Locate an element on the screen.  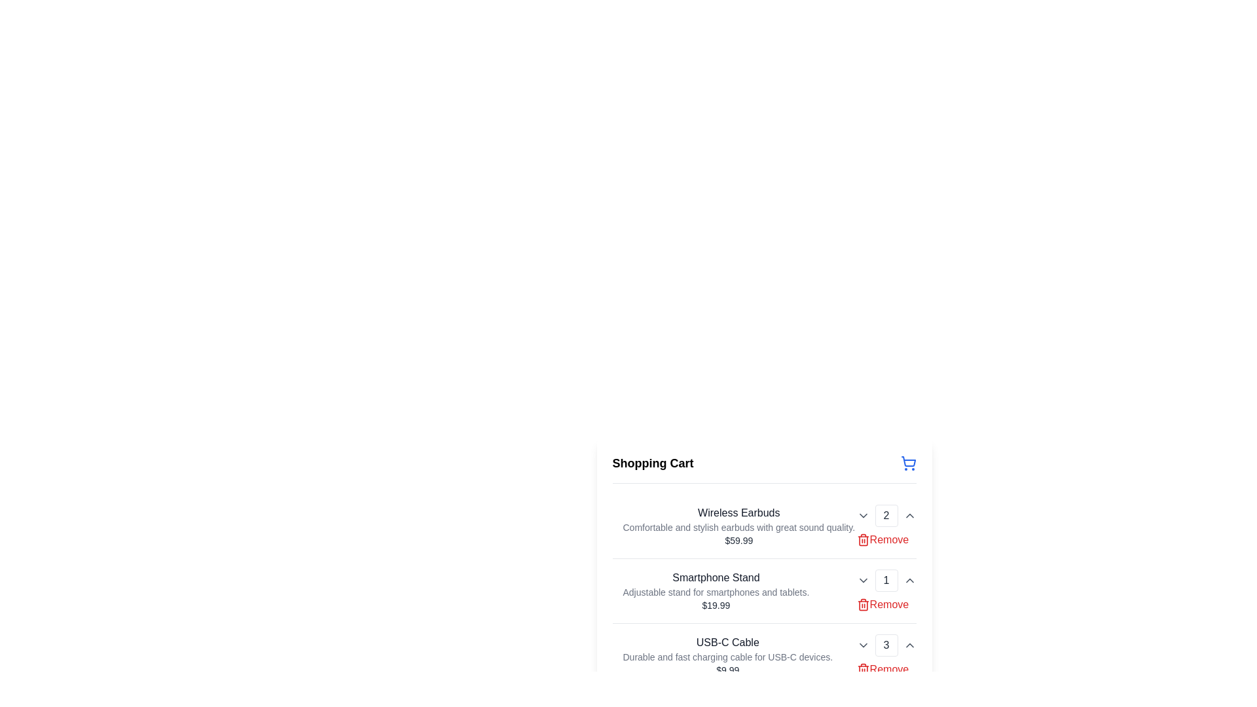
the dropdown toggle button located to the left of the quantity display for 'Wireless Earbuds' to modify the quantity is located at coordinates (863, 515).